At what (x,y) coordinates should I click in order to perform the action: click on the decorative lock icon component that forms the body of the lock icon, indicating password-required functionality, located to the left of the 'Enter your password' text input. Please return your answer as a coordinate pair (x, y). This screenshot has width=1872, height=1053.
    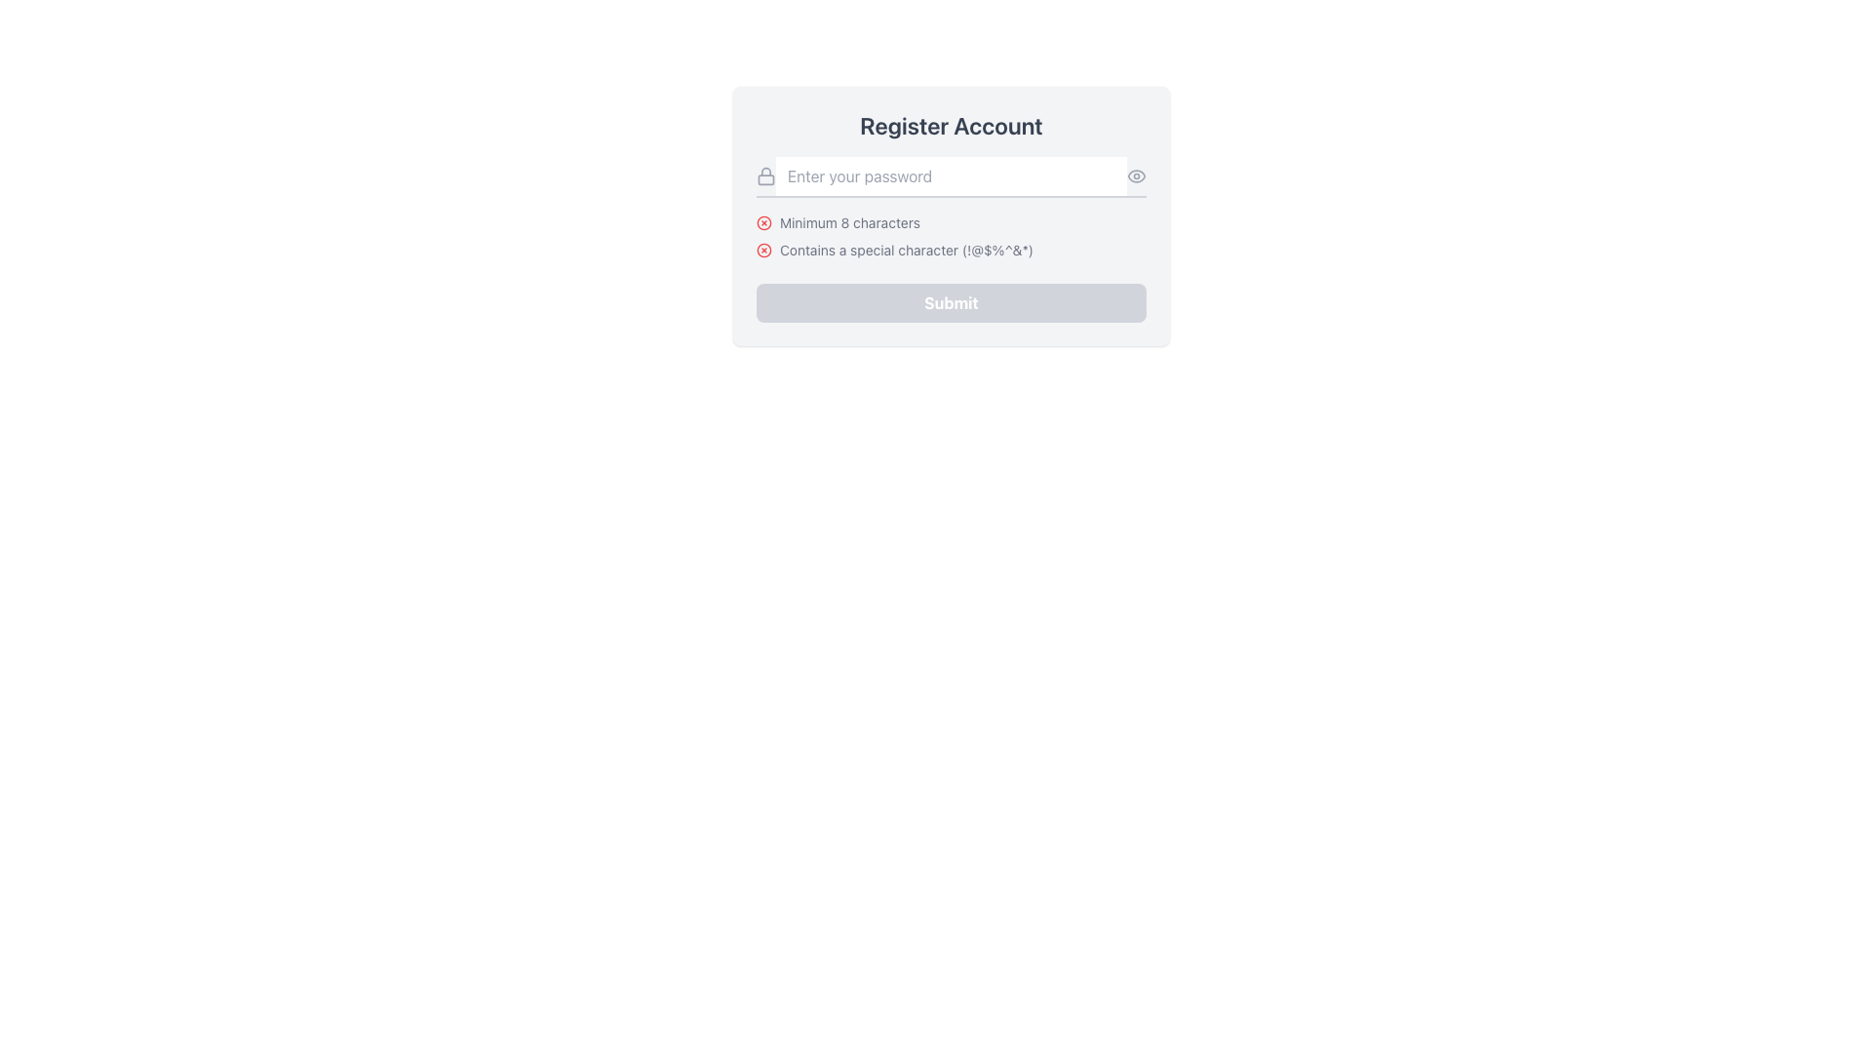
    Looking at the image, I should click on (765, 179).